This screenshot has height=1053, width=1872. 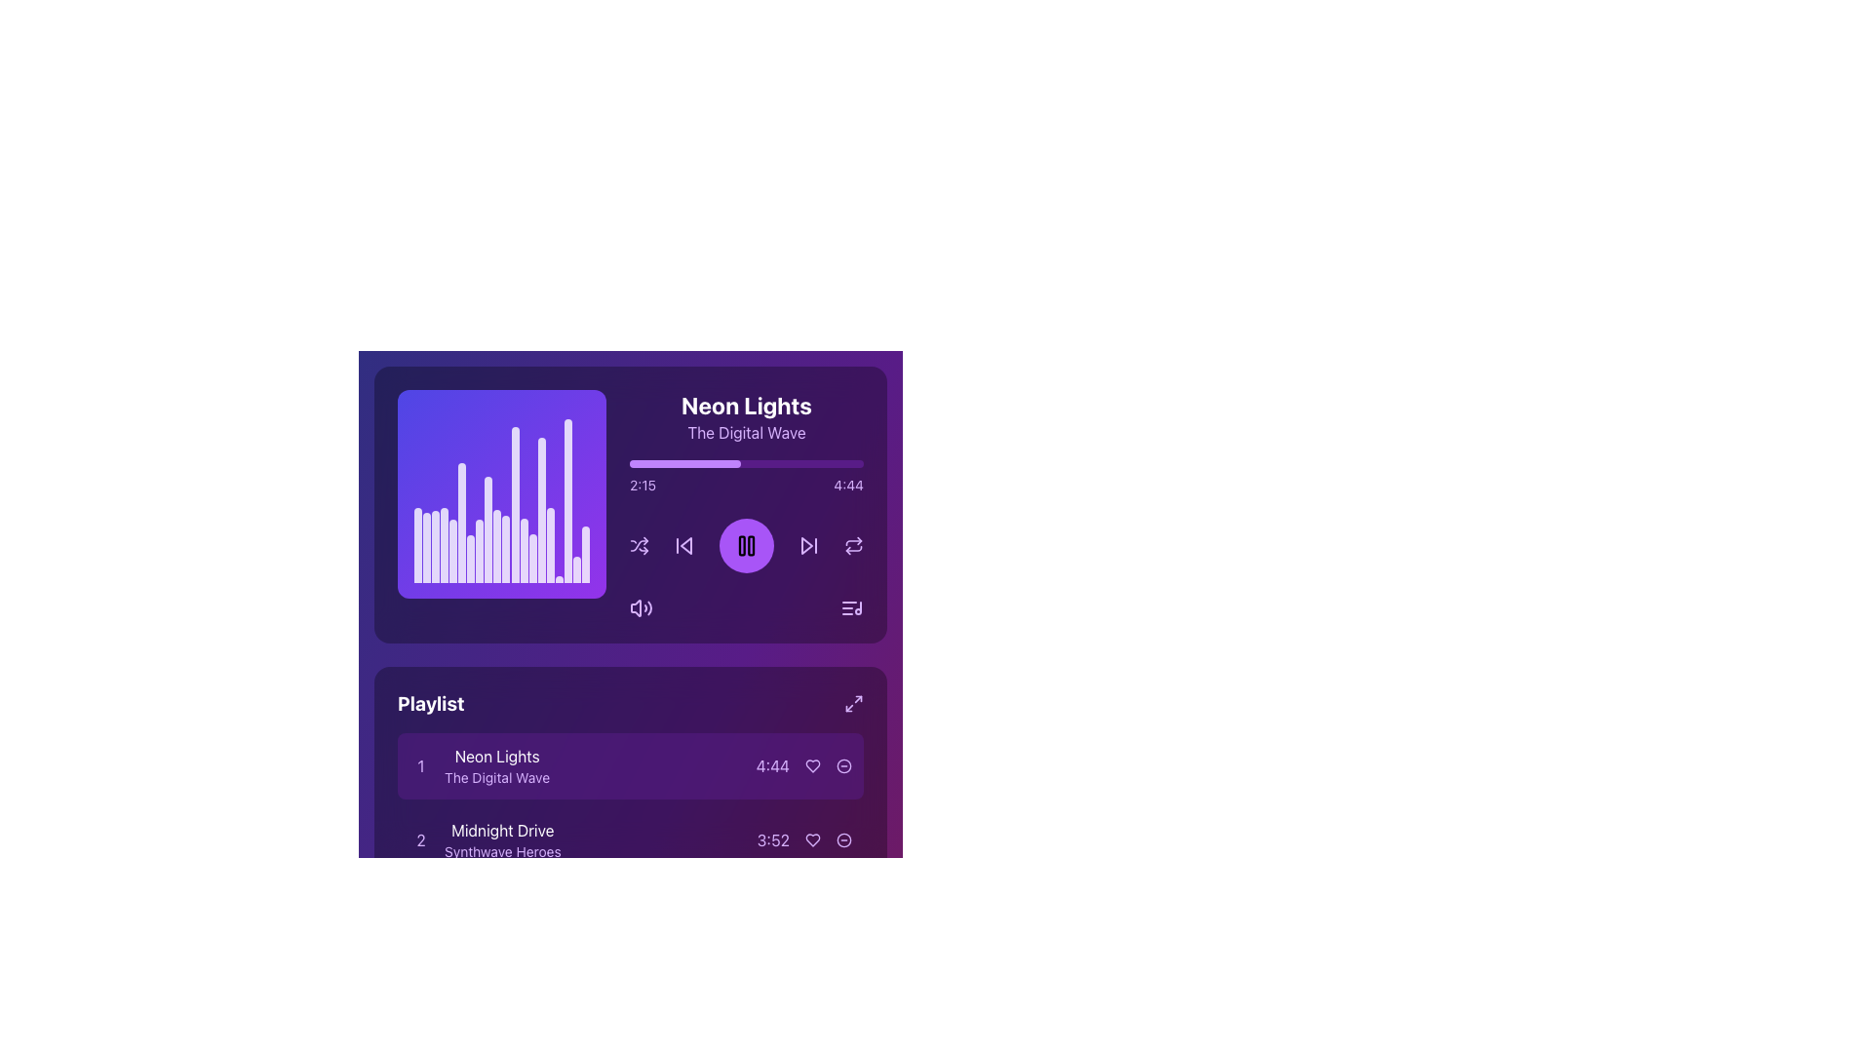 I want to click on the pause button, which is represented by two vertical bars within a purple circular button, located in the bottom-right section of the media player header, so click(x=746, y=545).